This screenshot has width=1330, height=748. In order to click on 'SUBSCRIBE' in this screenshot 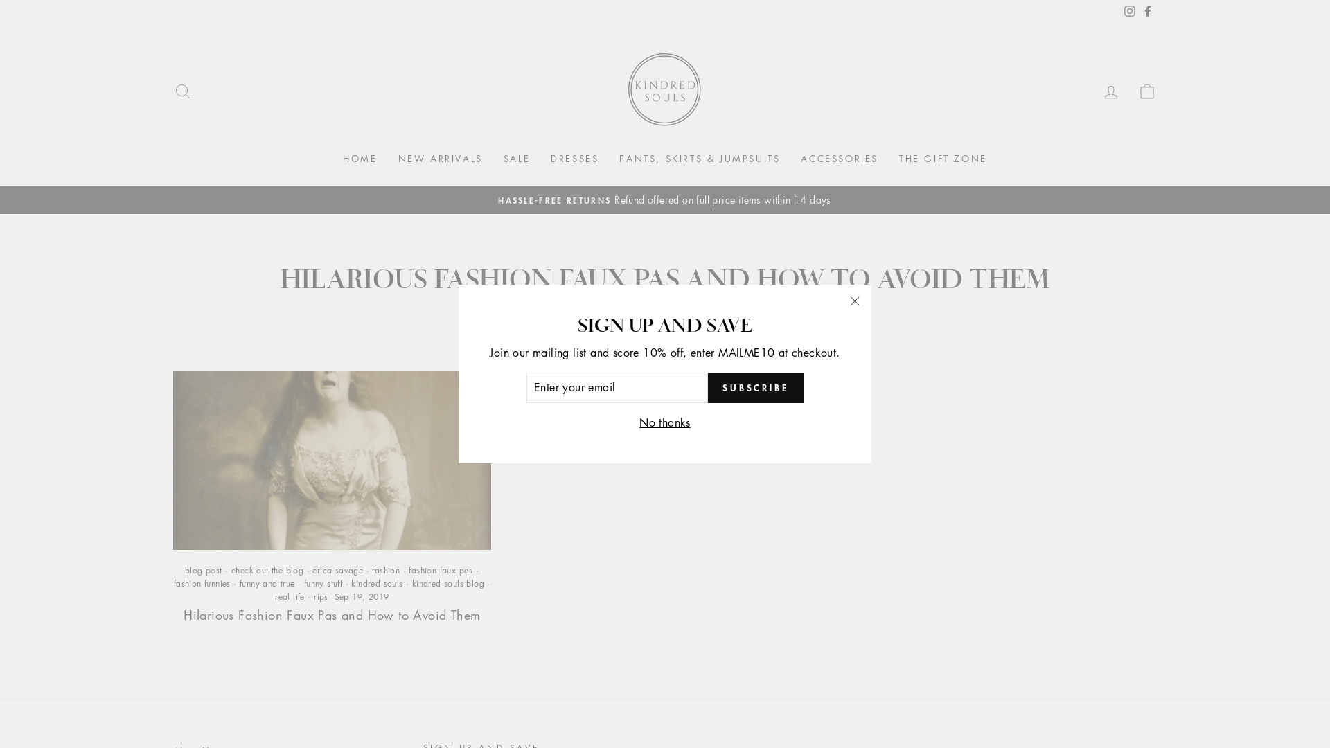, I will do `click(754, 387)`.